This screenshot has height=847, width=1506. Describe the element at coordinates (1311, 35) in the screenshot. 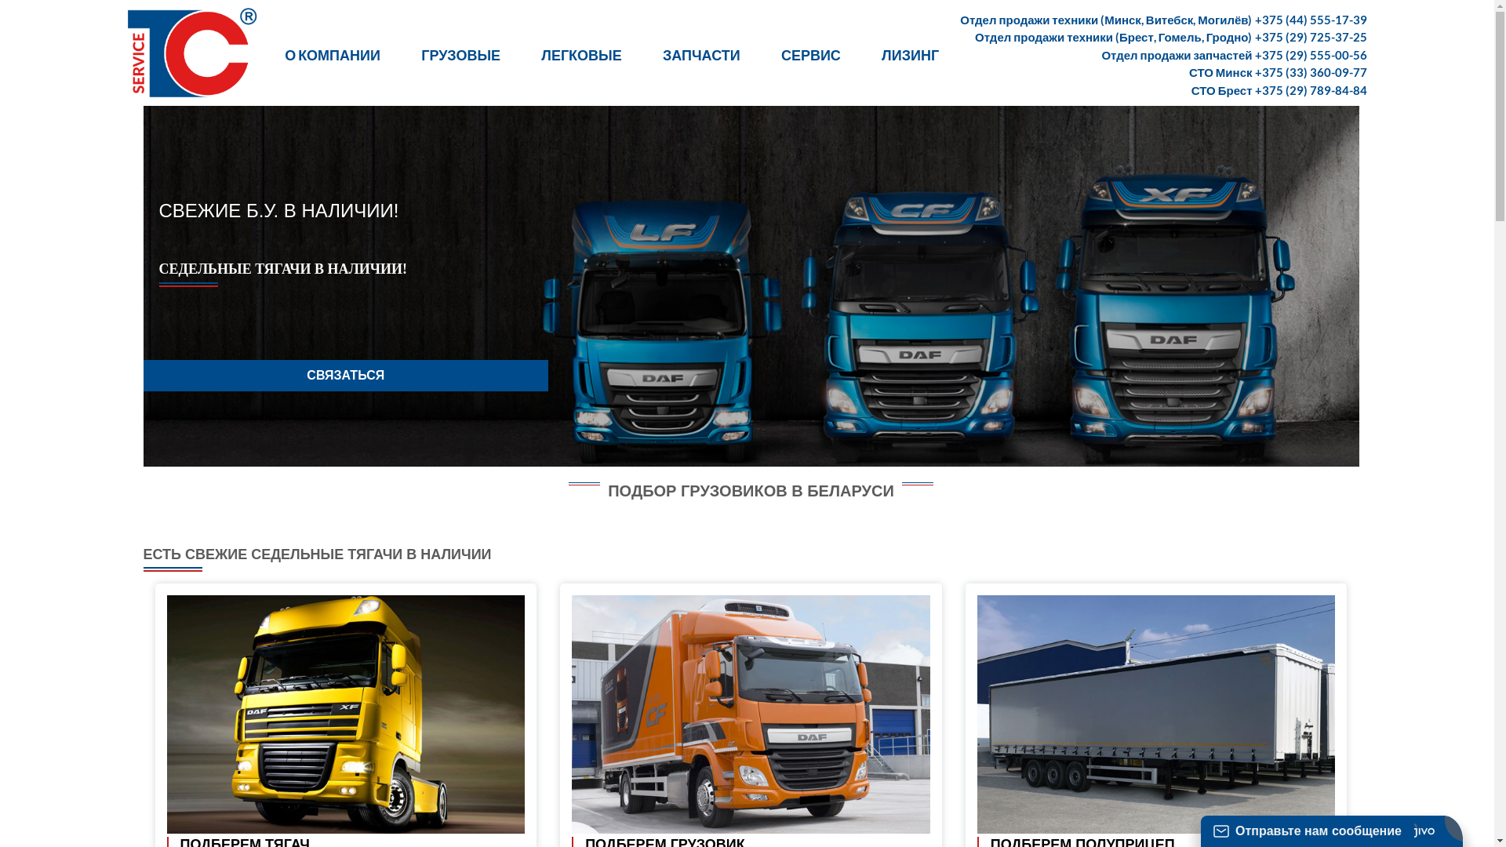

I see `'+375 (29) 725-37-25'` at that location.